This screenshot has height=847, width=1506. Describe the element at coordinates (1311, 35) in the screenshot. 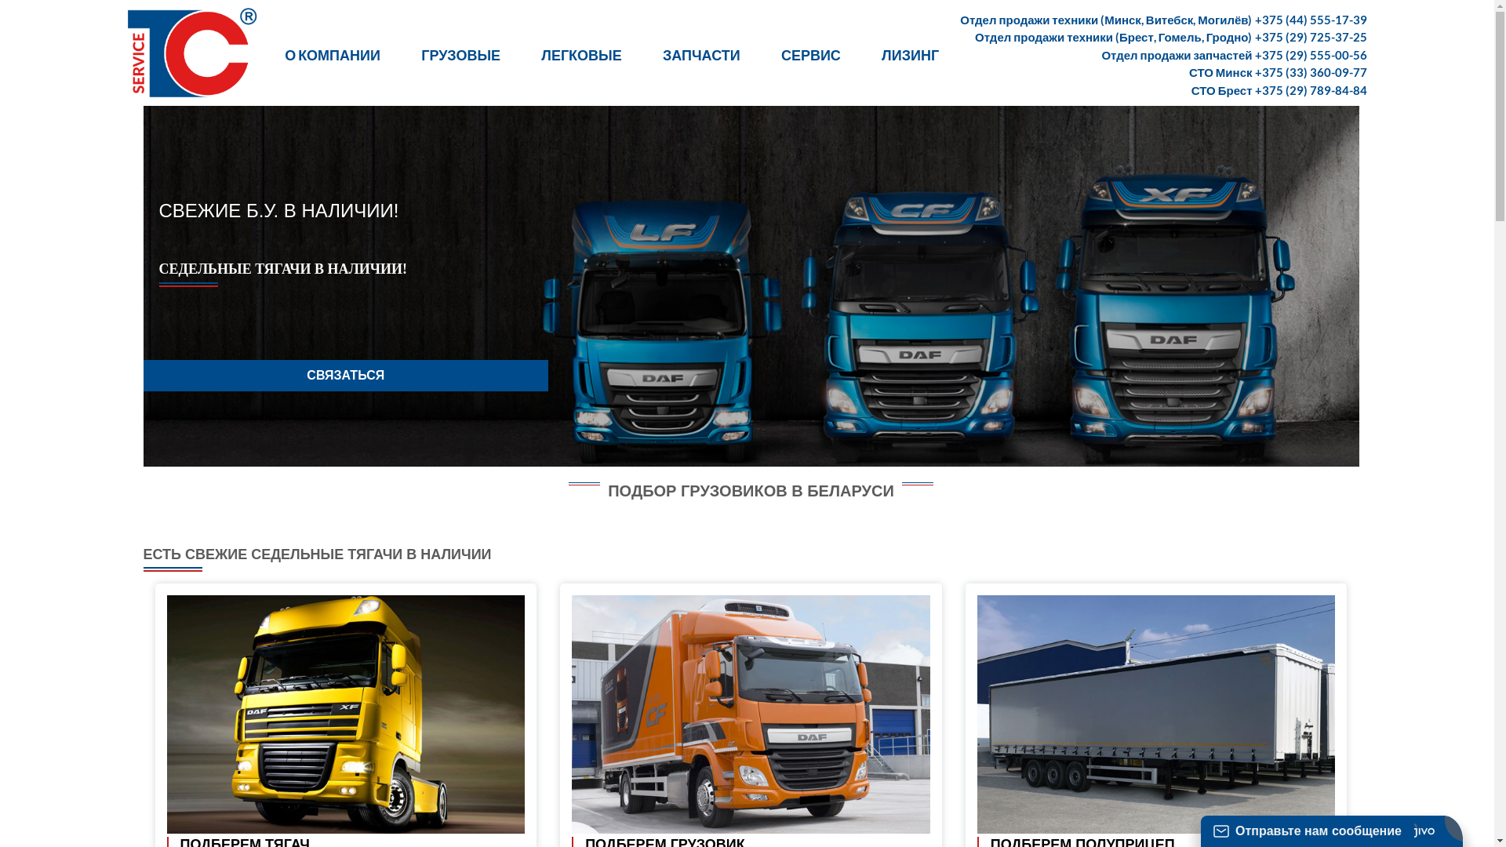

I see `'+375 (29) 725-37-25'` at that location.